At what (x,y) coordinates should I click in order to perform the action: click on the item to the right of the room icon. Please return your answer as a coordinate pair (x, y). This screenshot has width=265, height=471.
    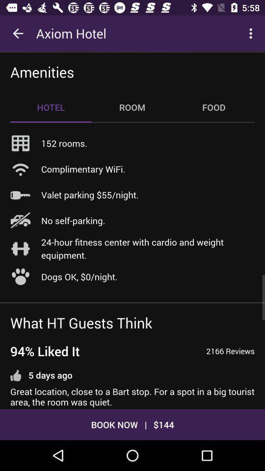
    Looking at the image, I should click on (213, 107).